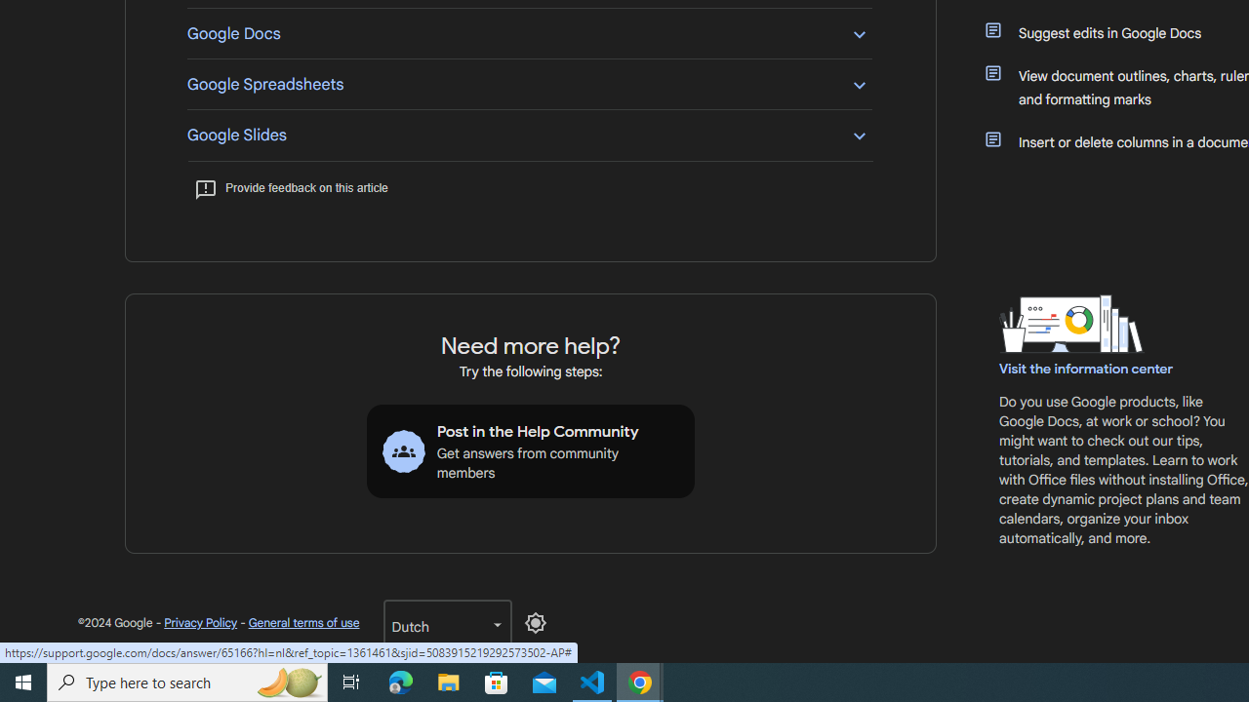 The width and height of the screenshot is (1249, 702). I want to click on 'Google Slides', so click(529, 134).